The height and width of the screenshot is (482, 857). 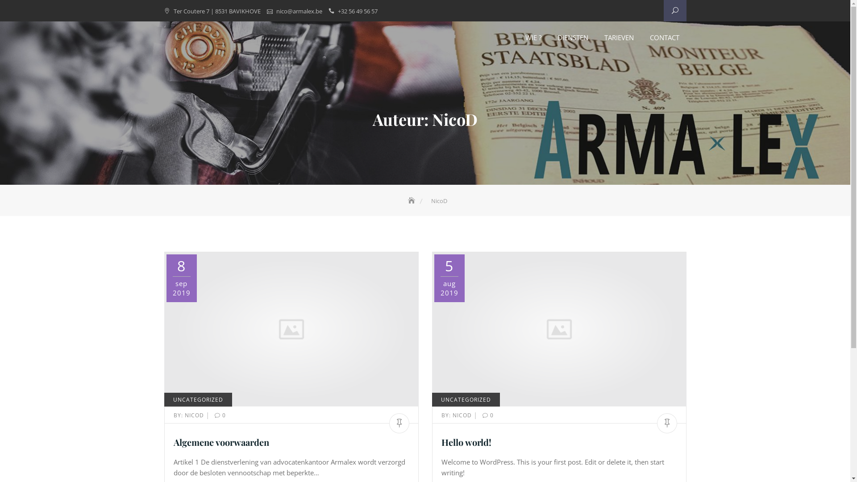 I want to click on 'Home', so click(x=412, y=201).